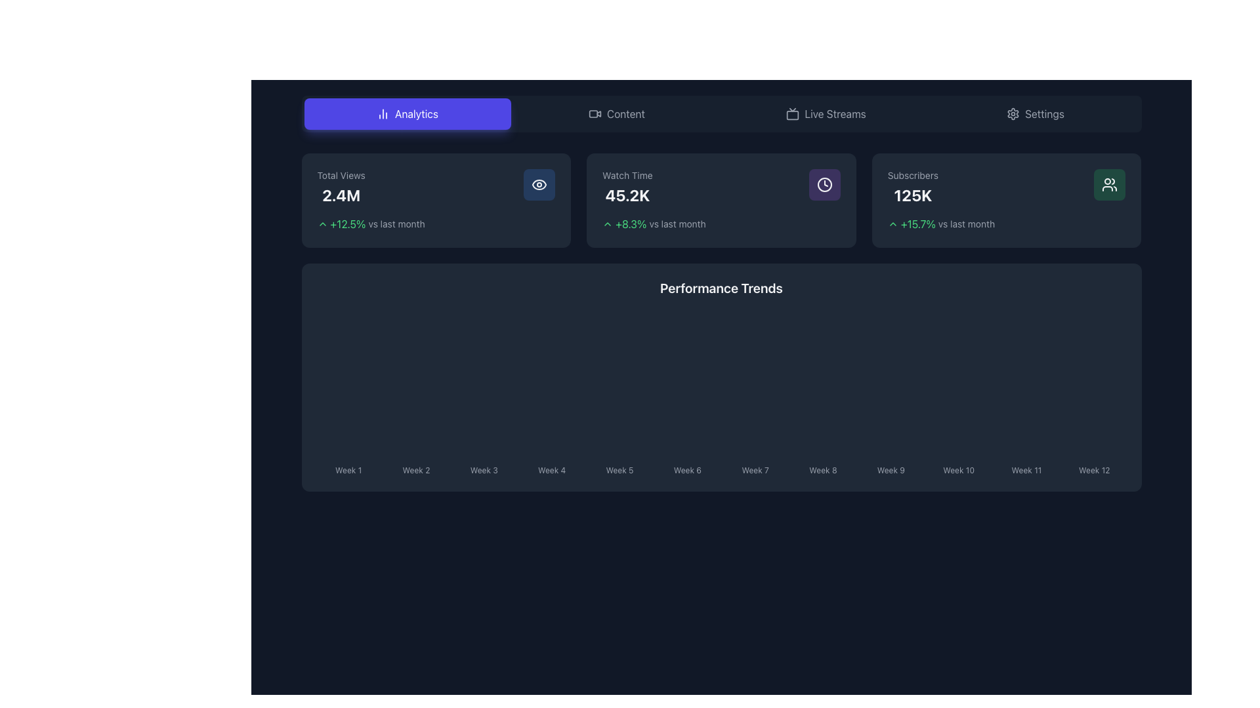 Image resolution: width=1260 pixels, height=708 pixels. I want to click on the video or multimedia icon located in the top navigation bar, positioned between the 'Analytics' option and the 'Content' label, so click(595, 113).